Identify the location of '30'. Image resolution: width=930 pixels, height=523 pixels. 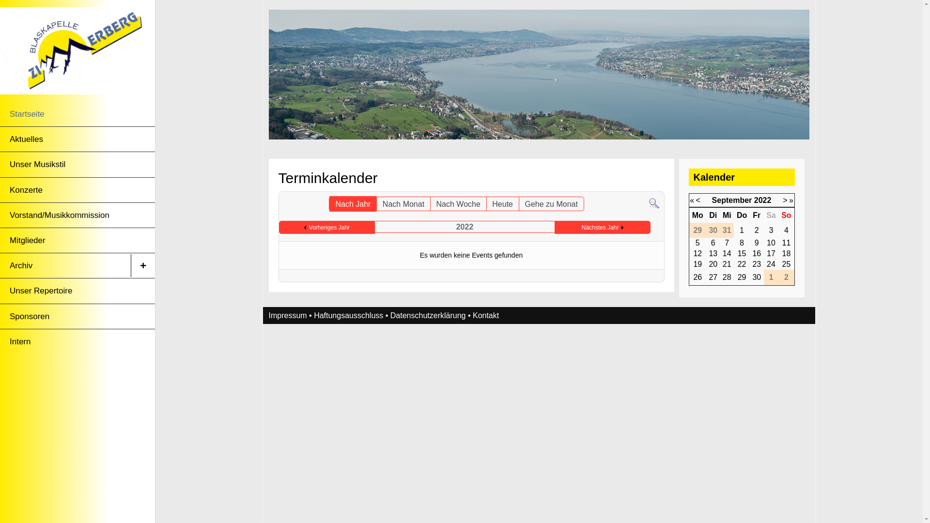
(752, 277).